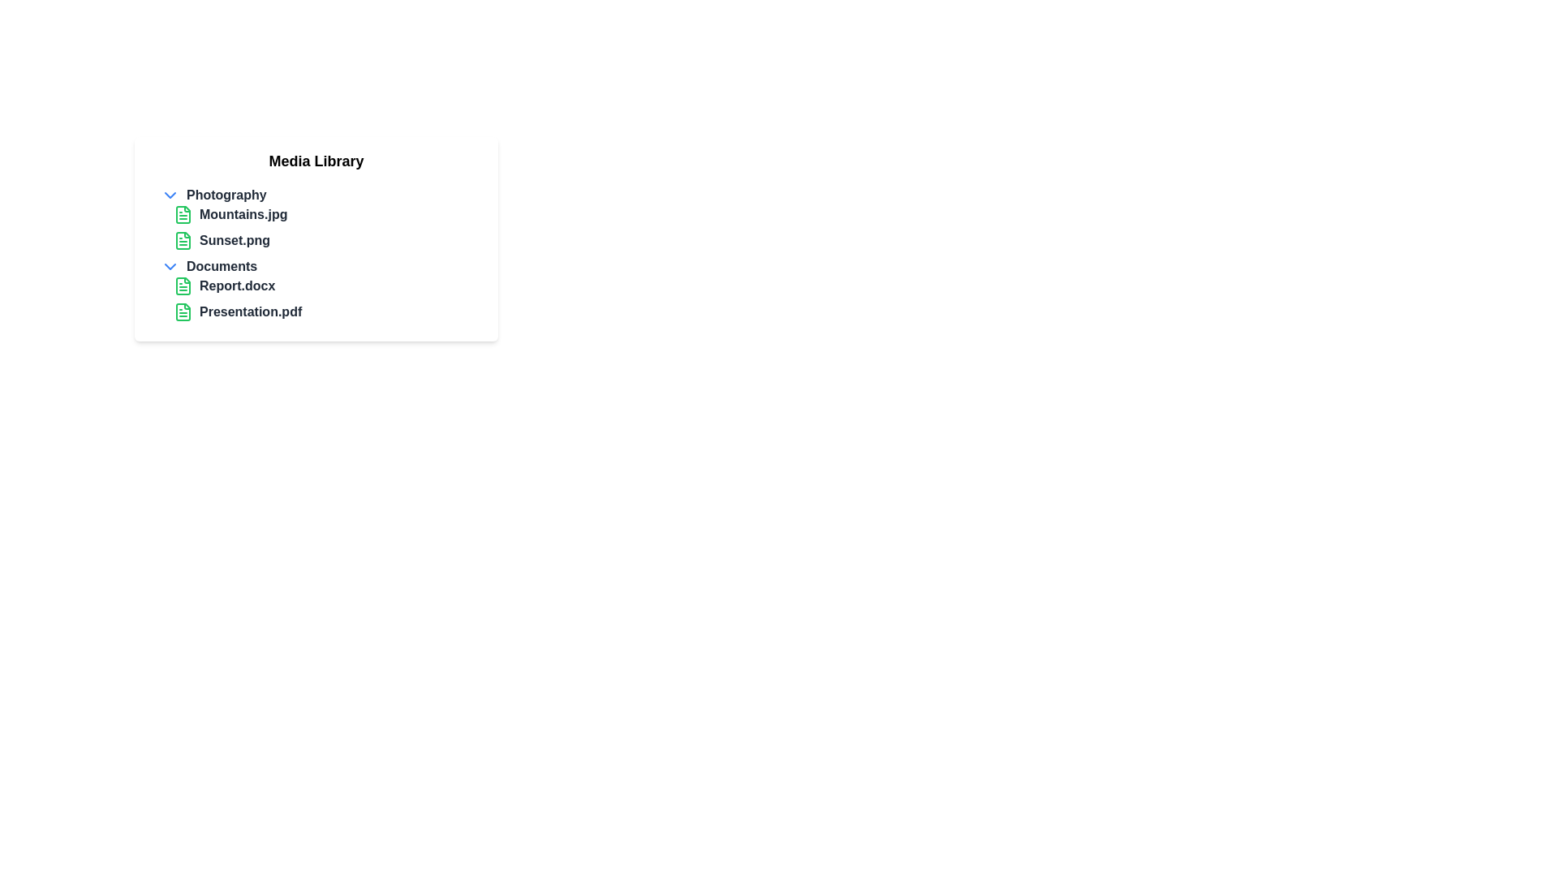 This screenshot has width=1558, height=876. I want to click on the blue downward-facing chevron icon located to the left of the 'Documents' text, so click(170, 265).